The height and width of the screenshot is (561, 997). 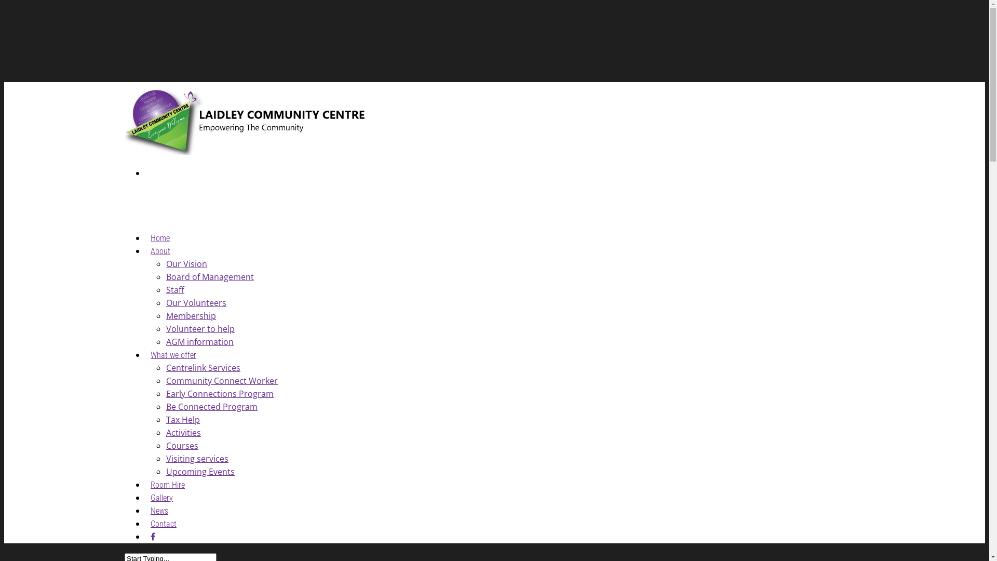 What do you see at coordinates (161, 500) in the screenshot?
I see `'Gallery'` at bounding box center [161, 500].